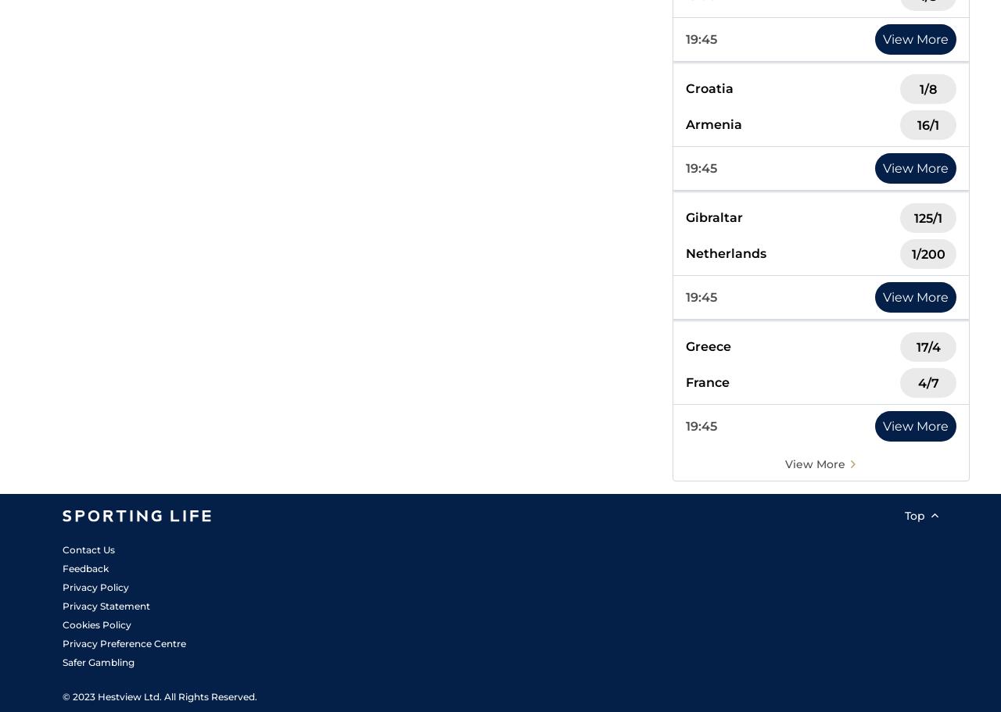 Image resolution: width=1001 pixels, height=712 pixels. I want to click on 'Privacy Statement', so click(105, 606).